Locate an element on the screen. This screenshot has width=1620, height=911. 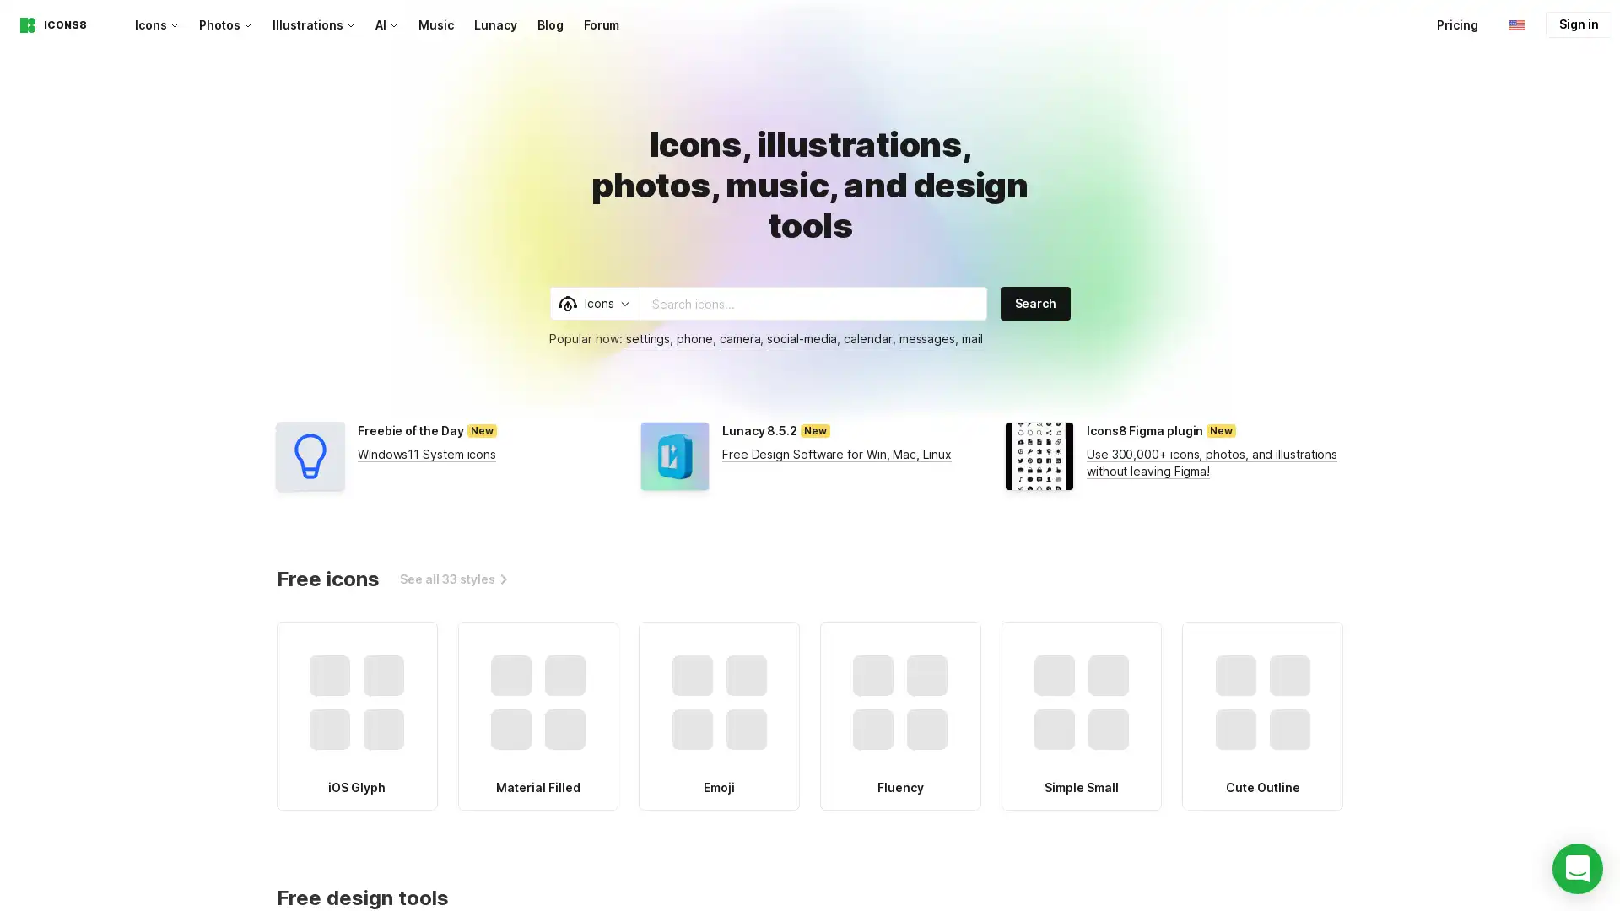
Sign in is located at coordinates (1578, 24).